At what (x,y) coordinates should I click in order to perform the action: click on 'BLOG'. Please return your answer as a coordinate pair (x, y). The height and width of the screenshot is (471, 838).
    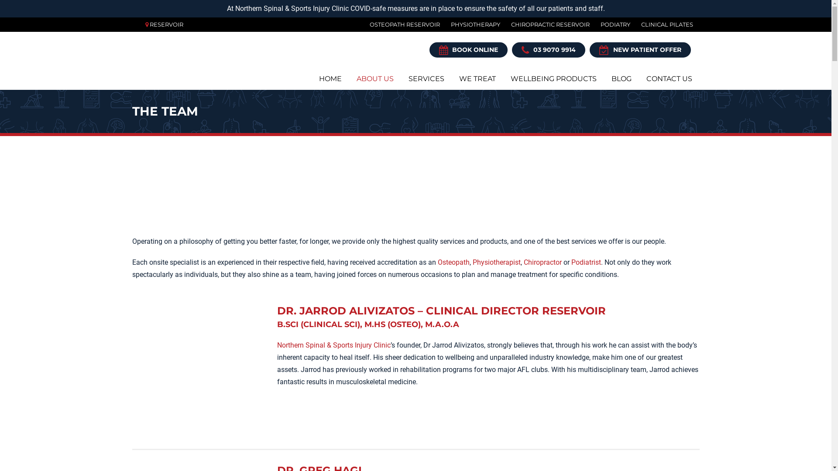
    Looking at the image, I should click on (621, 79).